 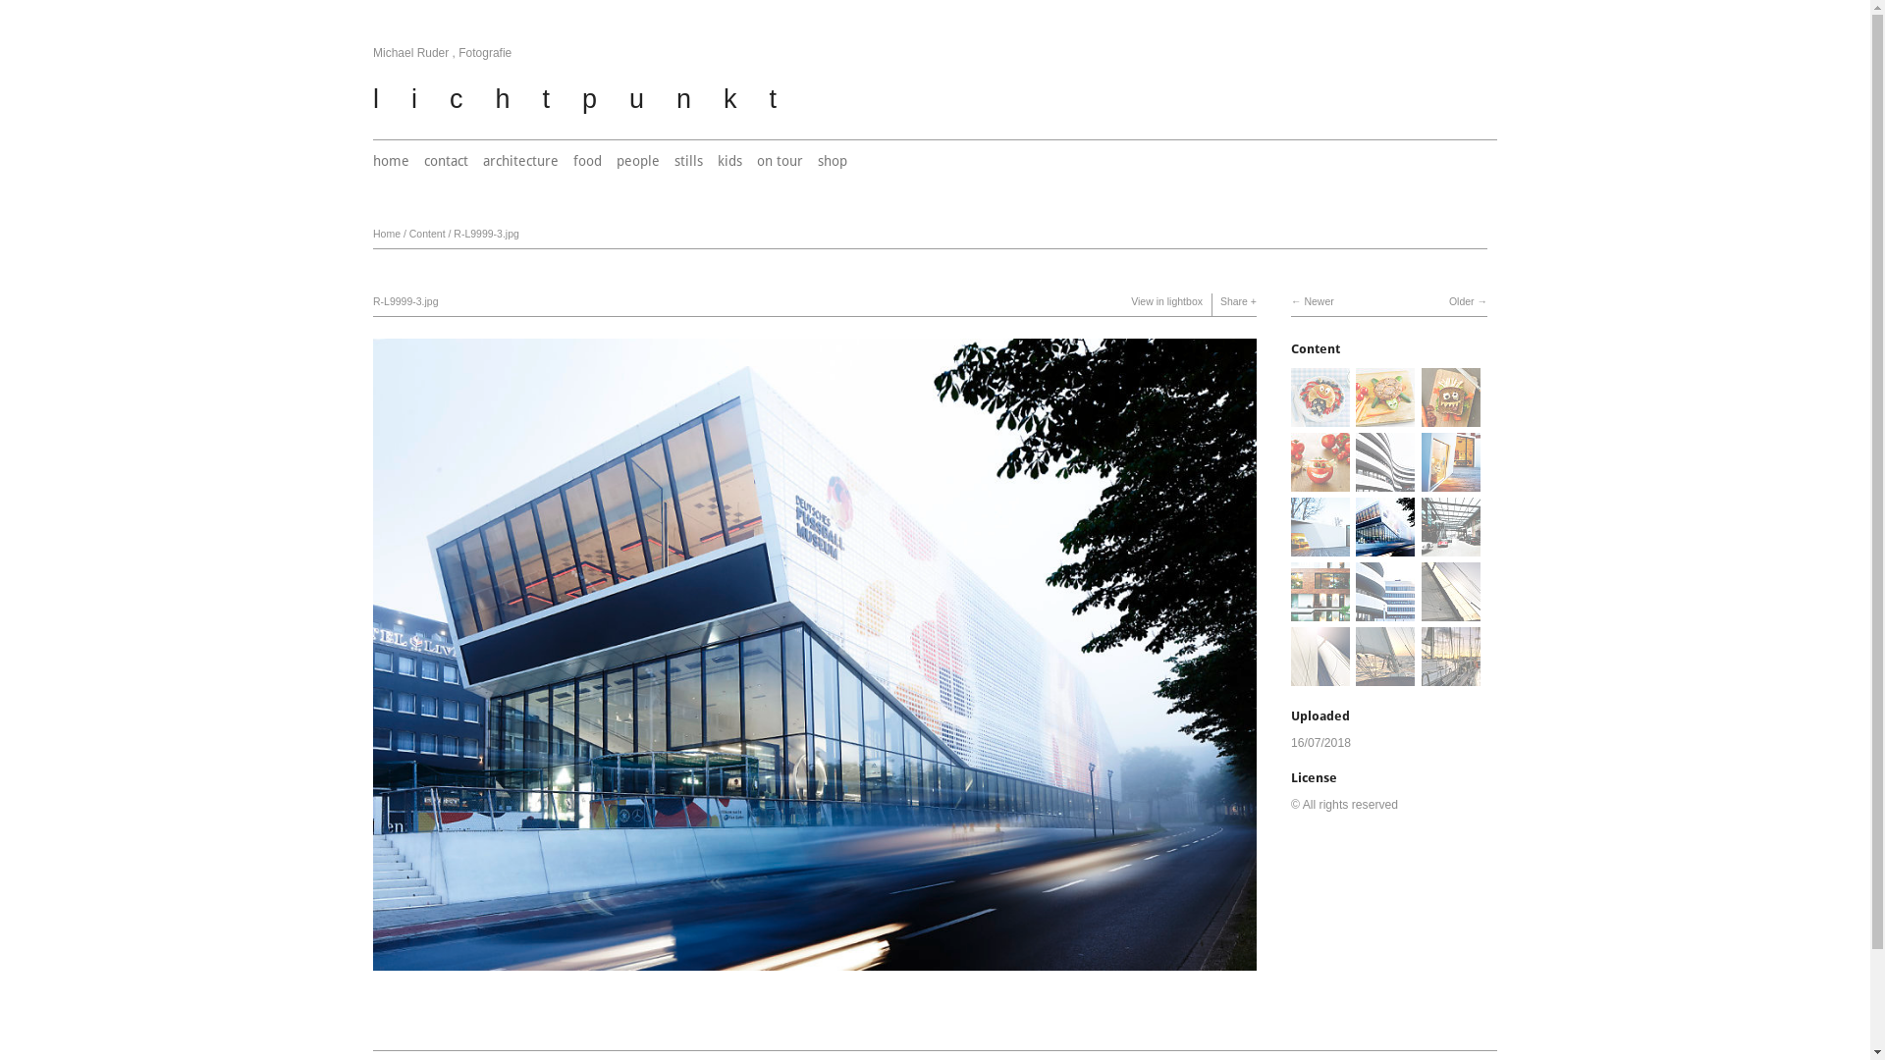 What do you see at coordinates (1451, 415) in the screenshot?
I see `'View 0418-060-3.jpg'` at bounding box center [1451, 415].